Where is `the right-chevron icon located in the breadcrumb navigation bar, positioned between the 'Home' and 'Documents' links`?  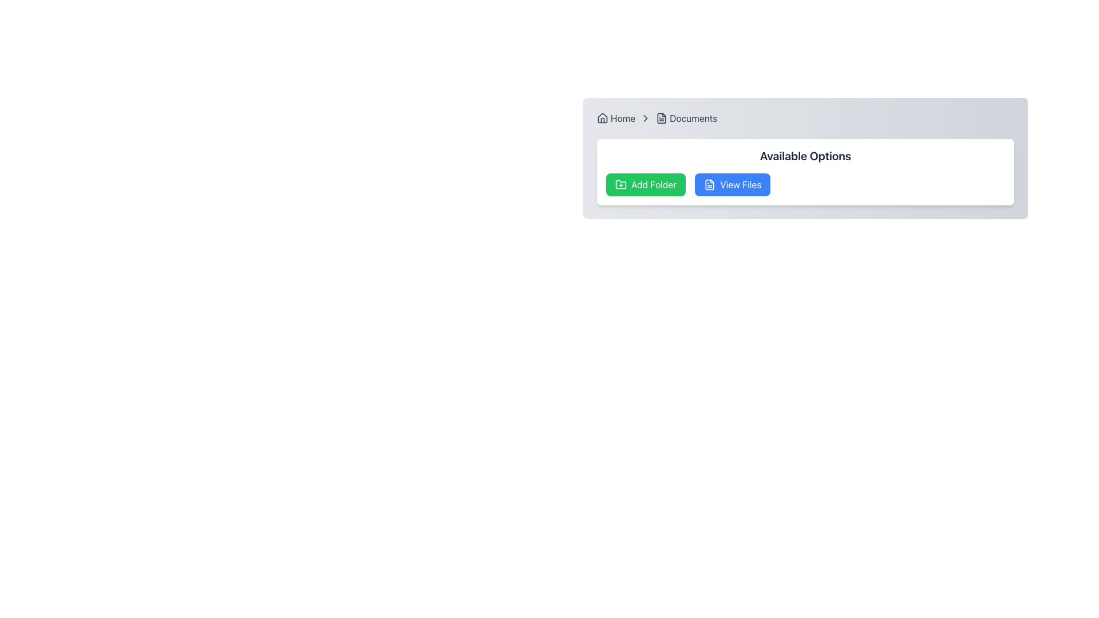
the right-chevron icon located in the breadcrumb navigation bar, positioned between the 'Home' and 'Documents' links is located at coordinates (646, 118).